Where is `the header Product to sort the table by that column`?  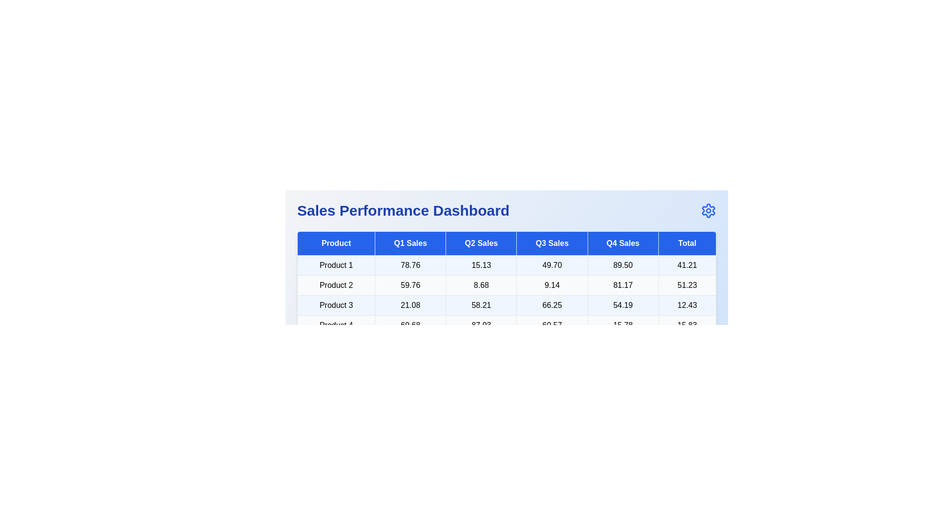
the header Product to sort the table by that column is located at coordinates (336, 243).